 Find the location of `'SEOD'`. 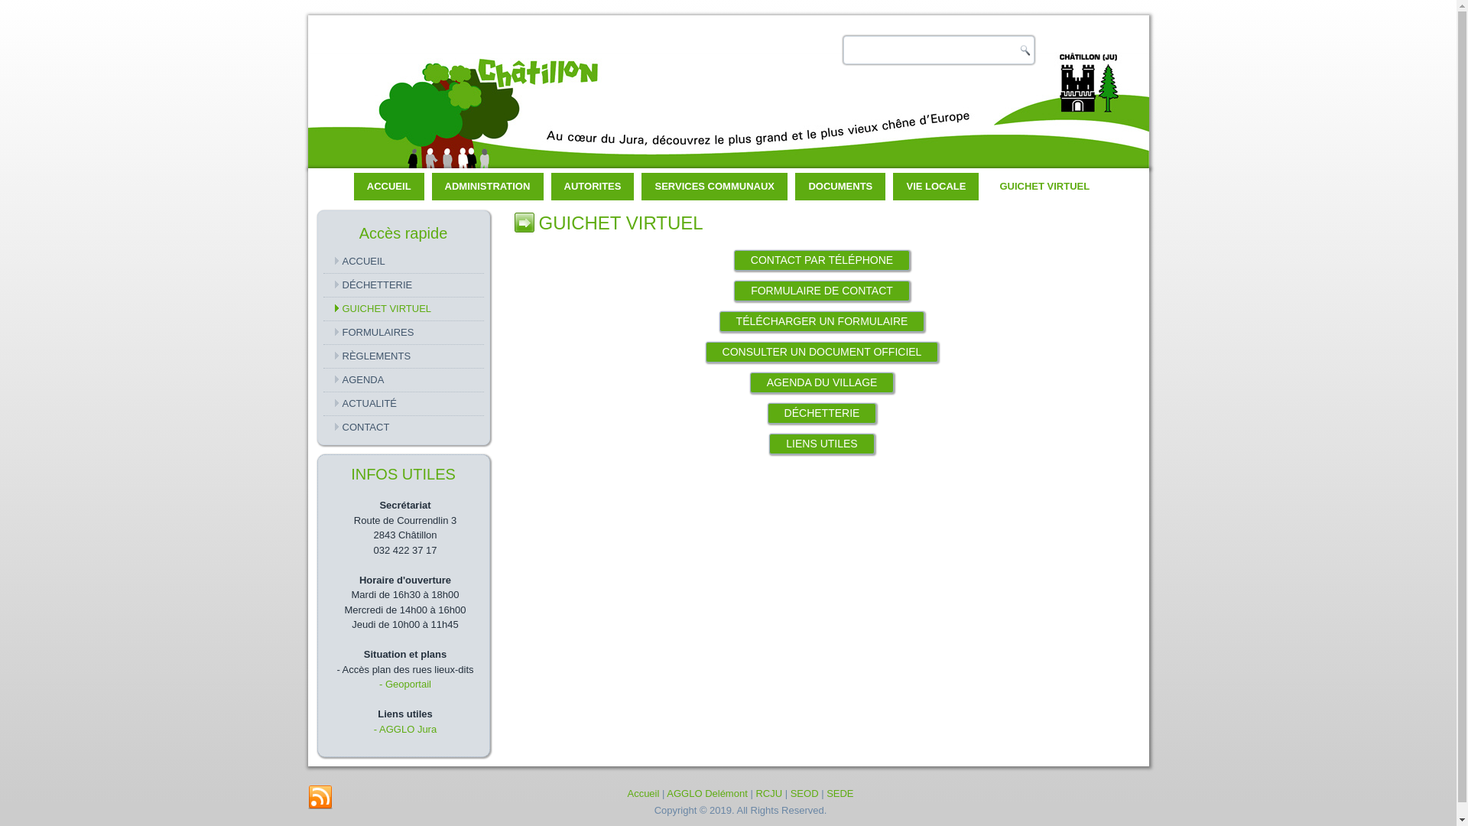

'SEOD' is located at coordinates (804, 792).